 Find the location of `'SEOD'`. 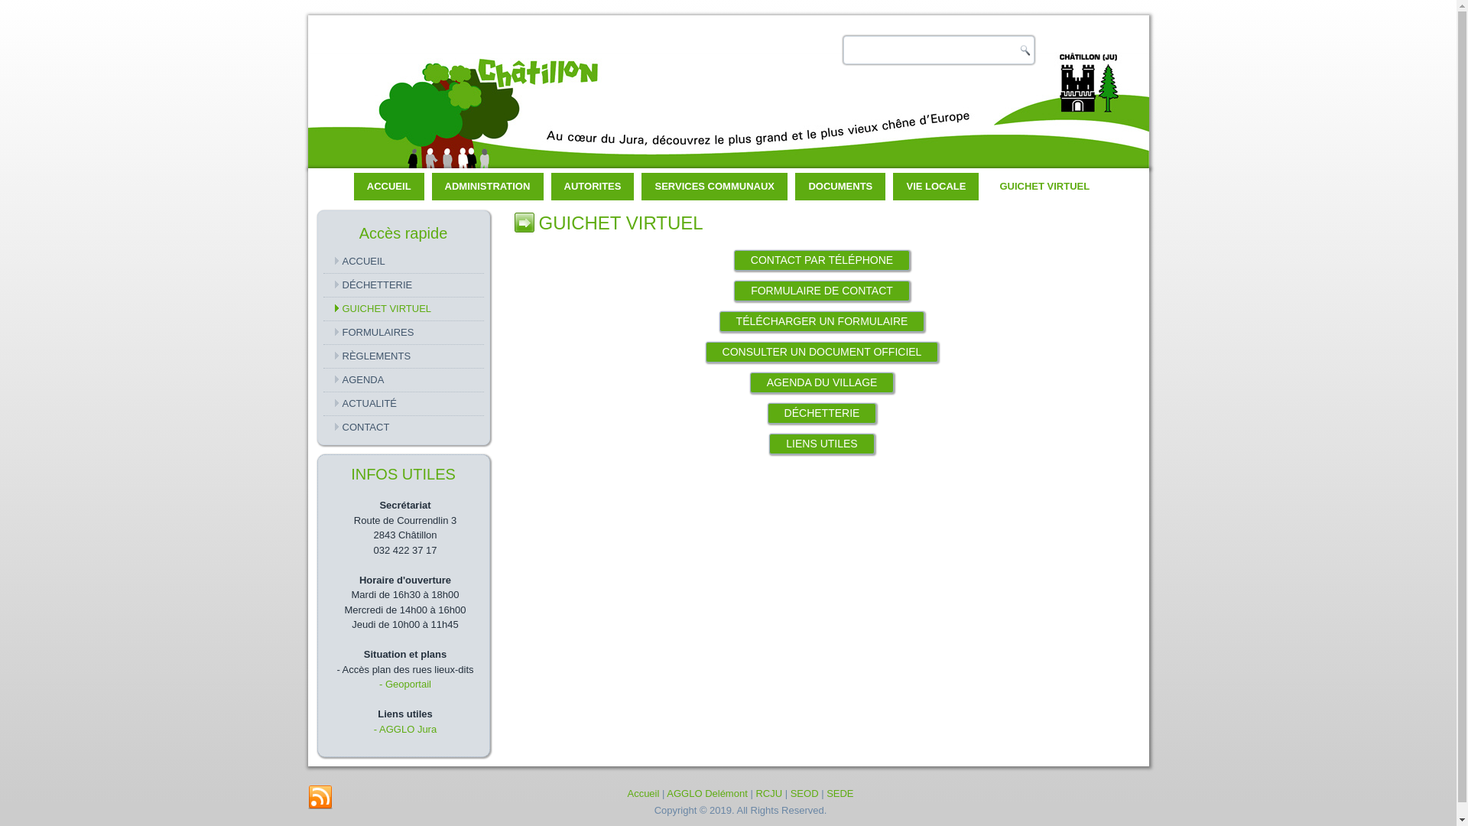

'SEOD' is located at coordinates (804, 792).